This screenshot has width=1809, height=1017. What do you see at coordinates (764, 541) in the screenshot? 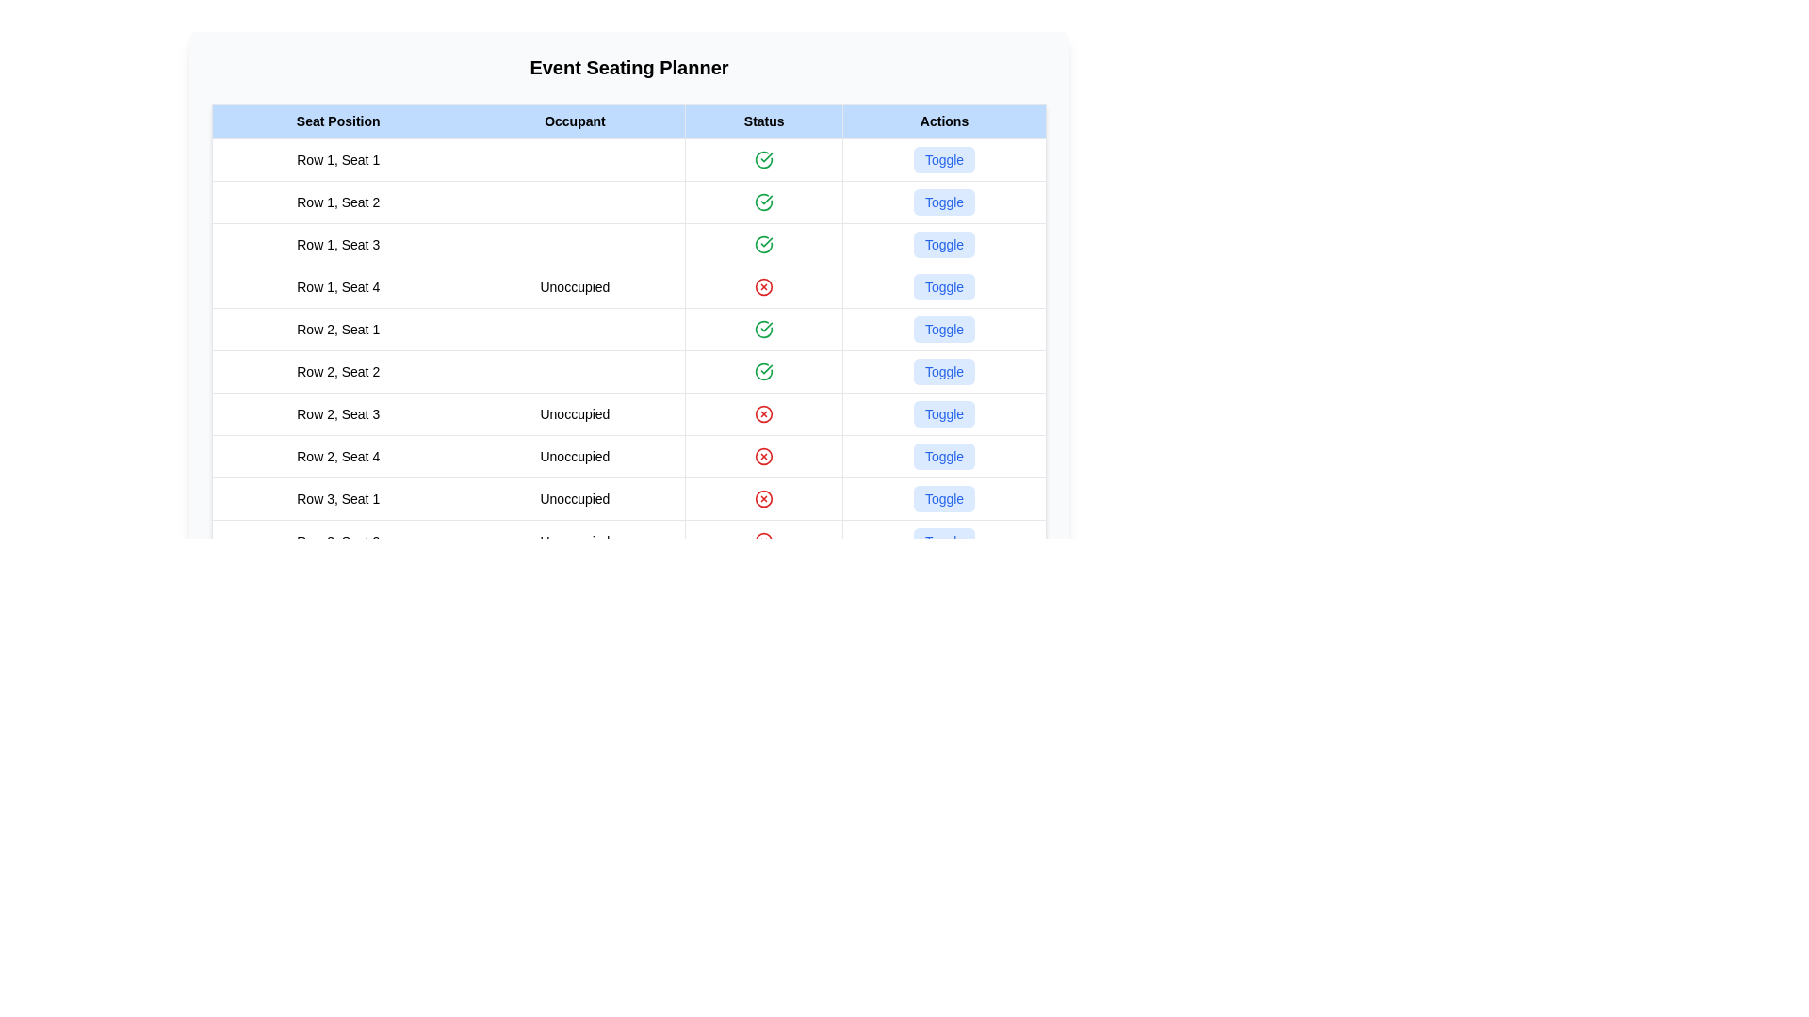
I see `the meaning of the error status icon located` at bounding box center [764, 541].